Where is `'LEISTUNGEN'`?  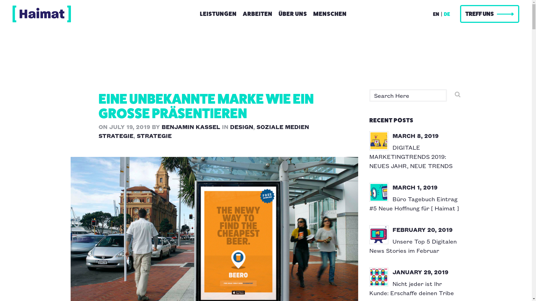 'LEISTUNGEN' is located at coordinates (200, 9).